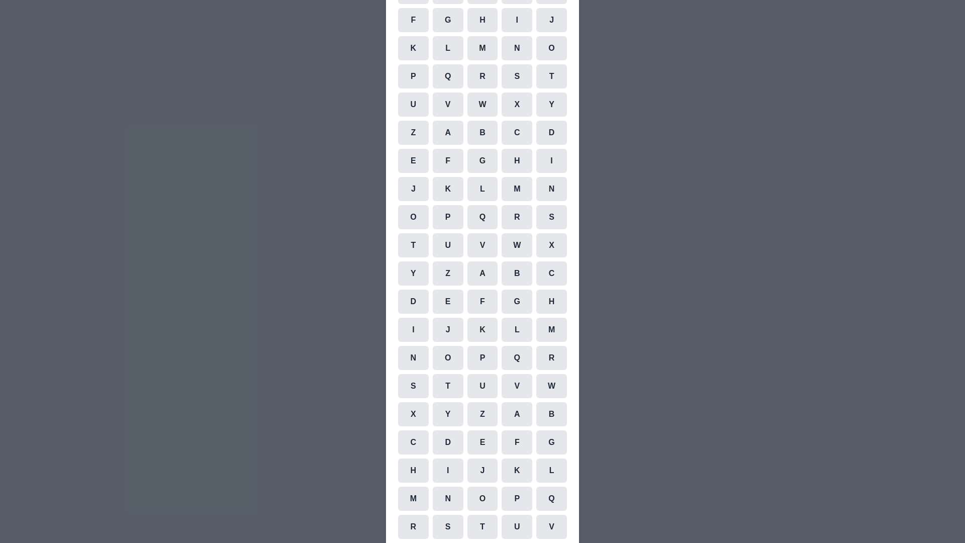 The image size is (965, 543). Describe the element at coordinates (517, 75) in the screenshot. I see `the cell representing the character S` at that location.